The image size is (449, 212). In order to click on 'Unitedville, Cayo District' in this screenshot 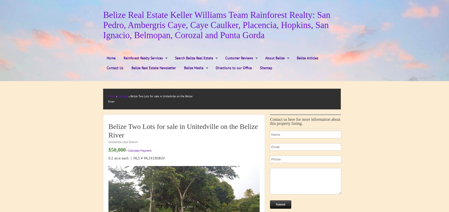, I will do `click(108, 142)`.